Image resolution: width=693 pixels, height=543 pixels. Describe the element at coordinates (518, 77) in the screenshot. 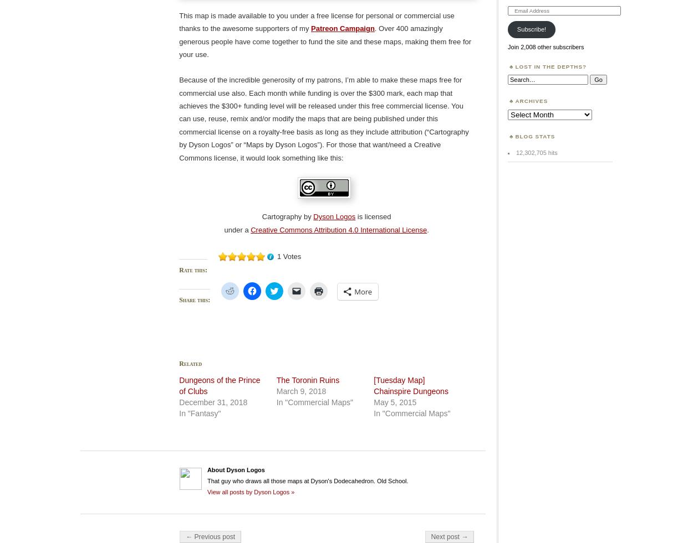

I see `'Search:'` at that location.